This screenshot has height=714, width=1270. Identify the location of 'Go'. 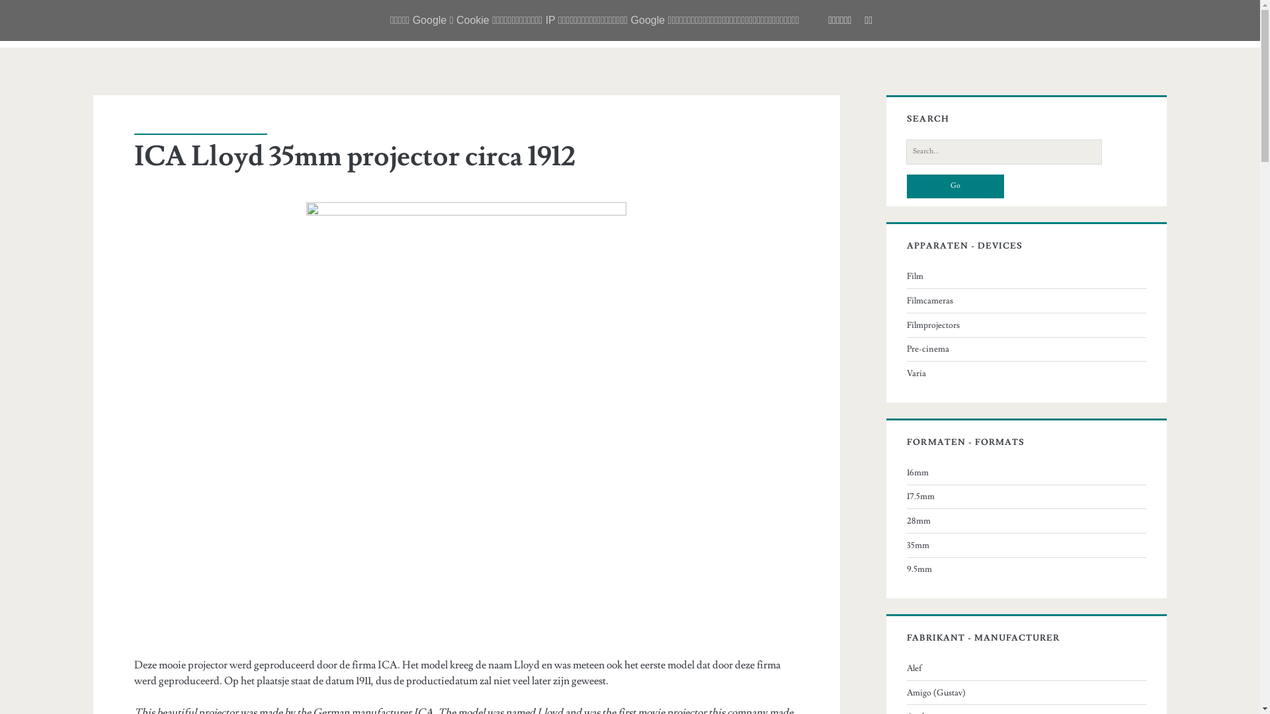
(955, 186).